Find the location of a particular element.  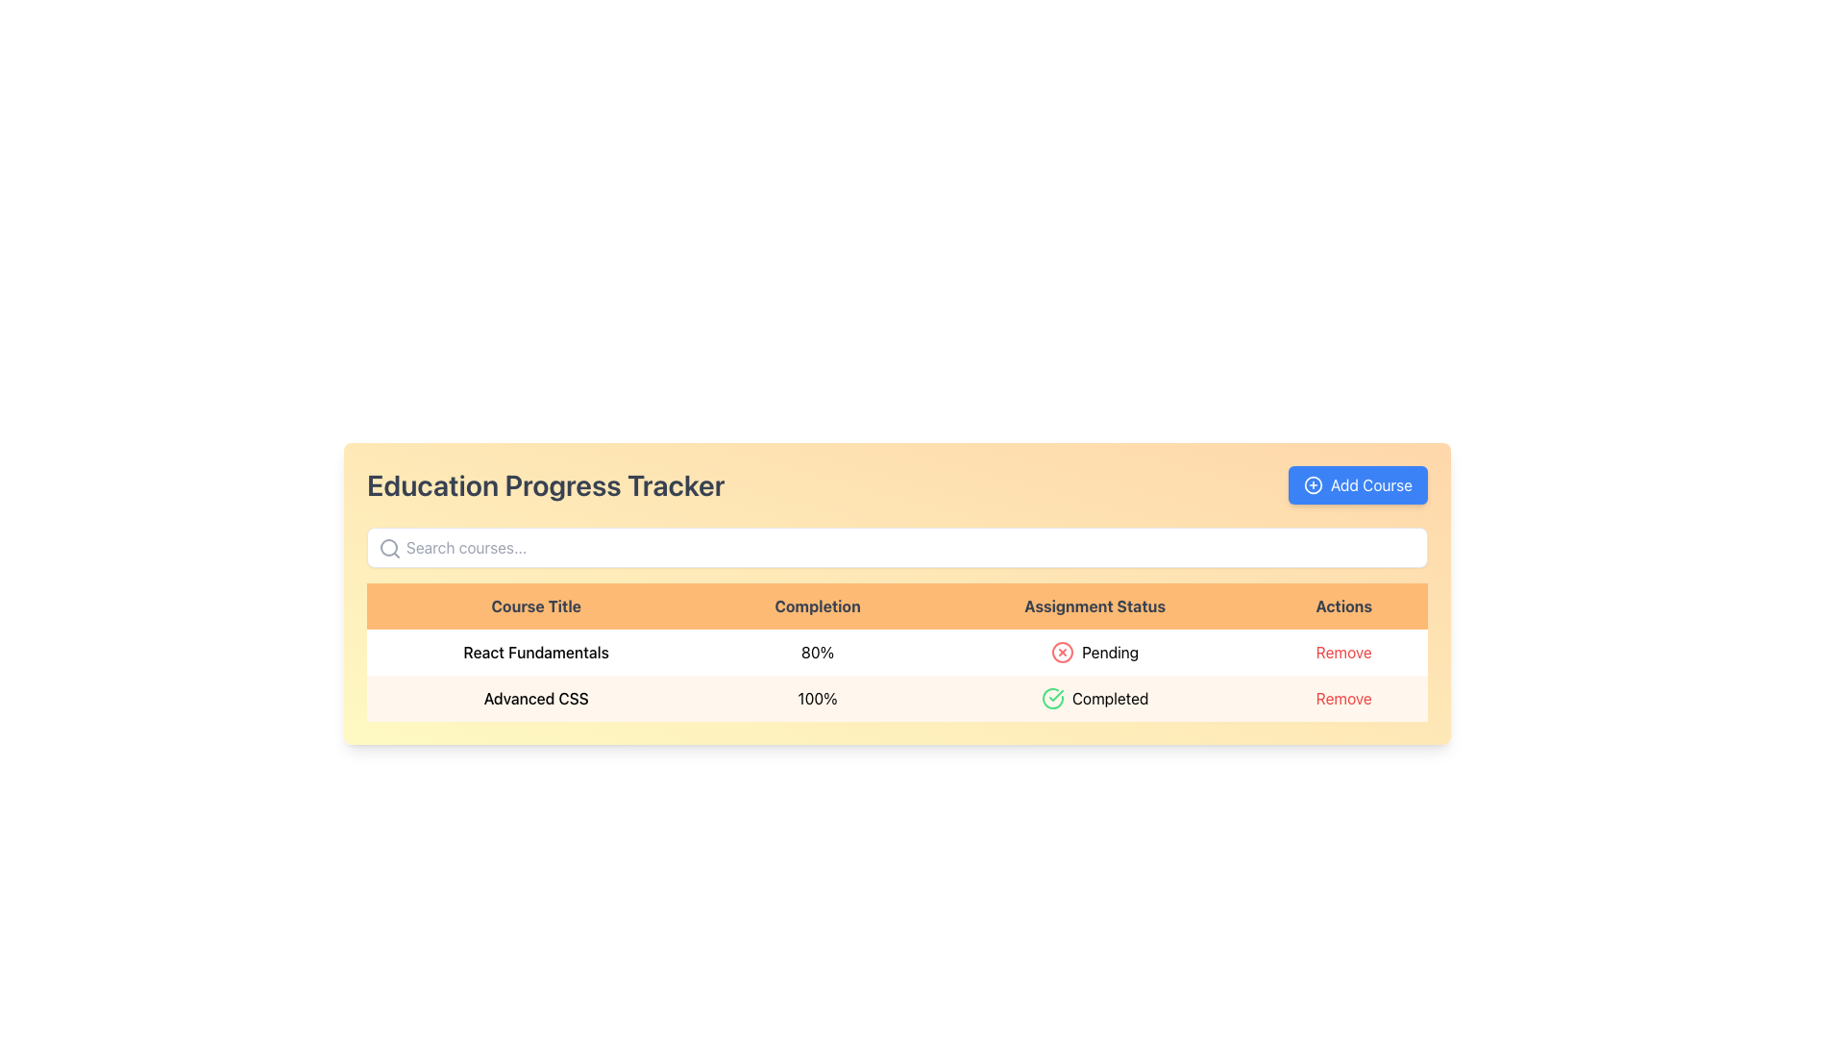

the static text label for the course titled 'React Fundamentals' in the educational progress tracker interface, located in the first column of the corresponding row is located at coordinates (536, 651).